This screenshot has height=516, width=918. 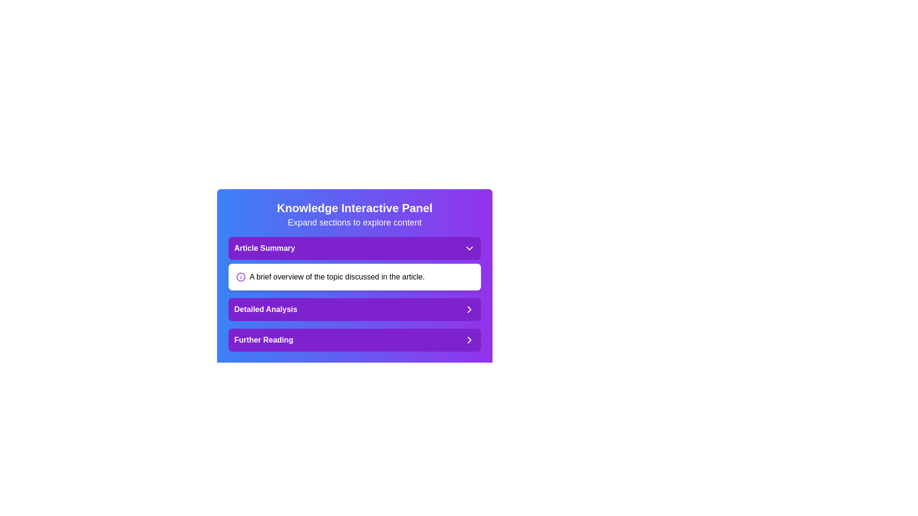 What do you see at coordinates (354, 310) in the screenshot?
I see `the second button in the Knowledge Interactive Panel` at bounding box center [354, 310].